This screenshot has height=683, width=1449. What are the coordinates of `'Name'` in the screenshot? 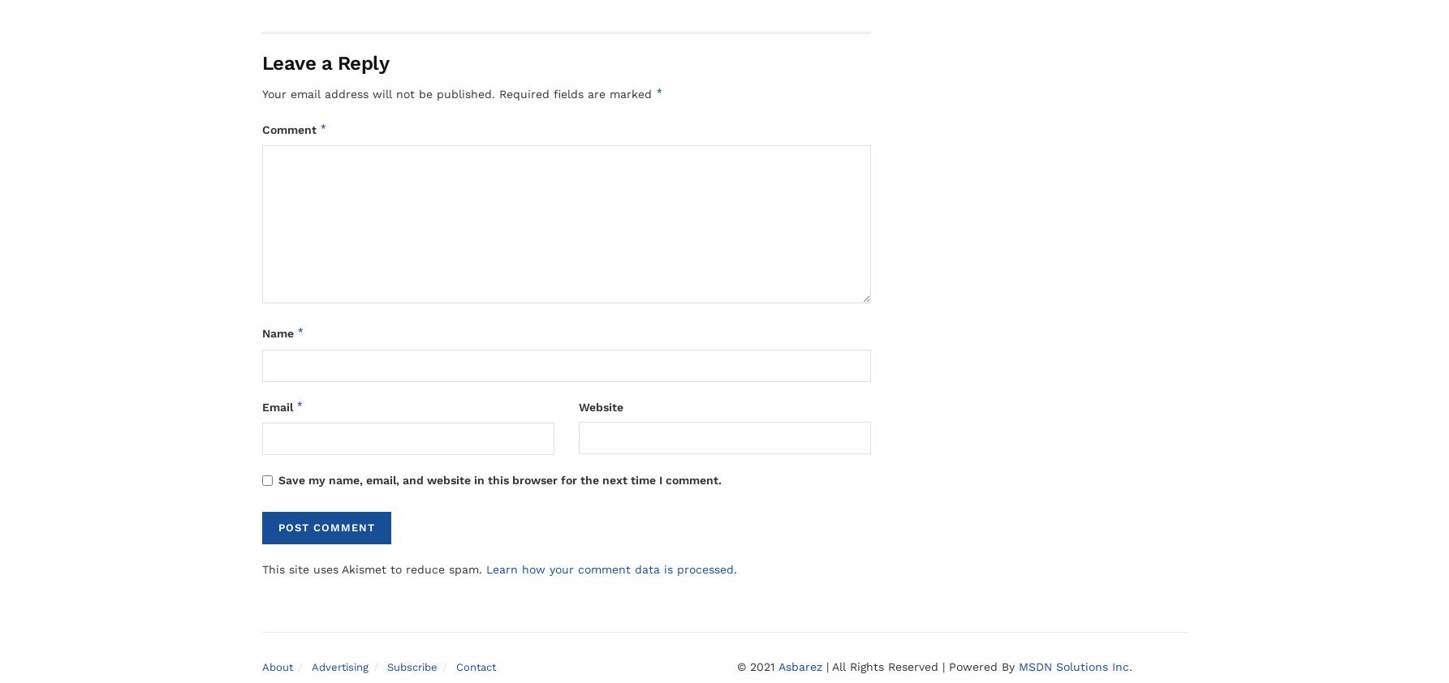 It's located at (261, 333).